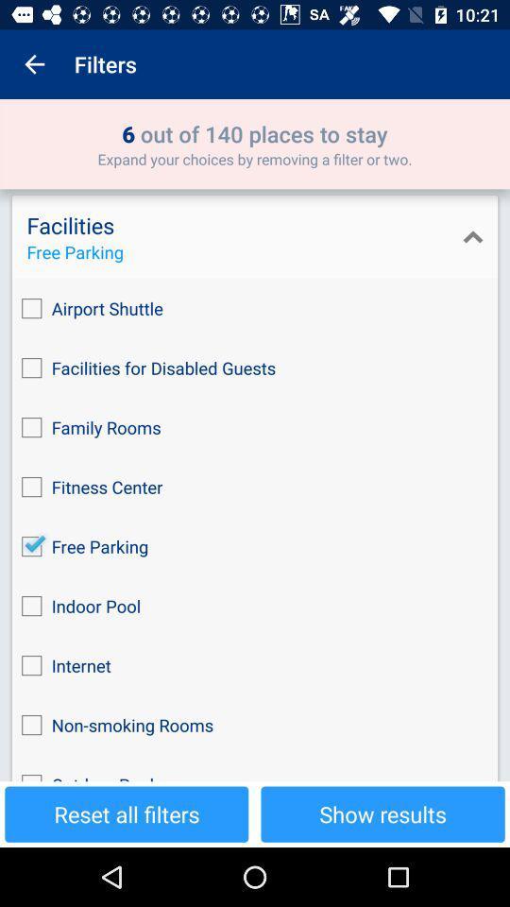 This screenshot has height=907, width=510. Describe the element at coordinates (255, 367) in the screenshot. I see `the facilities for disabled icon` at that location.